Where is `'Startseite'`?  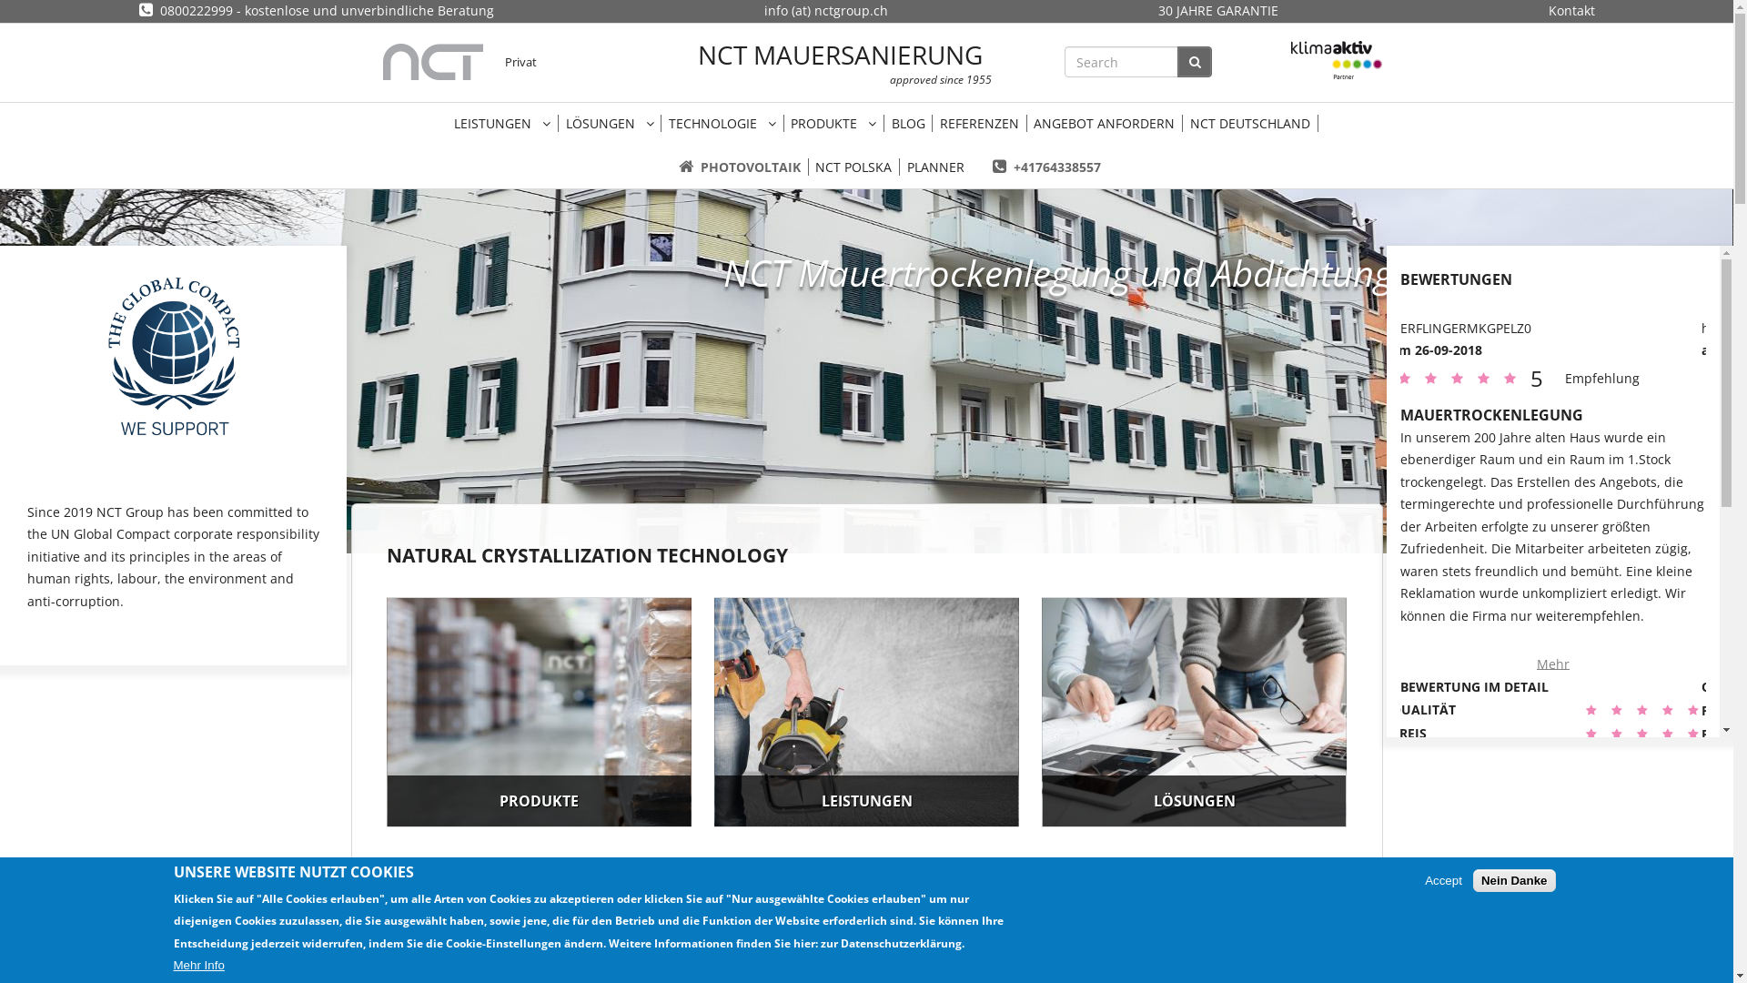
'Startseite' is located at coordinates (431, 61).